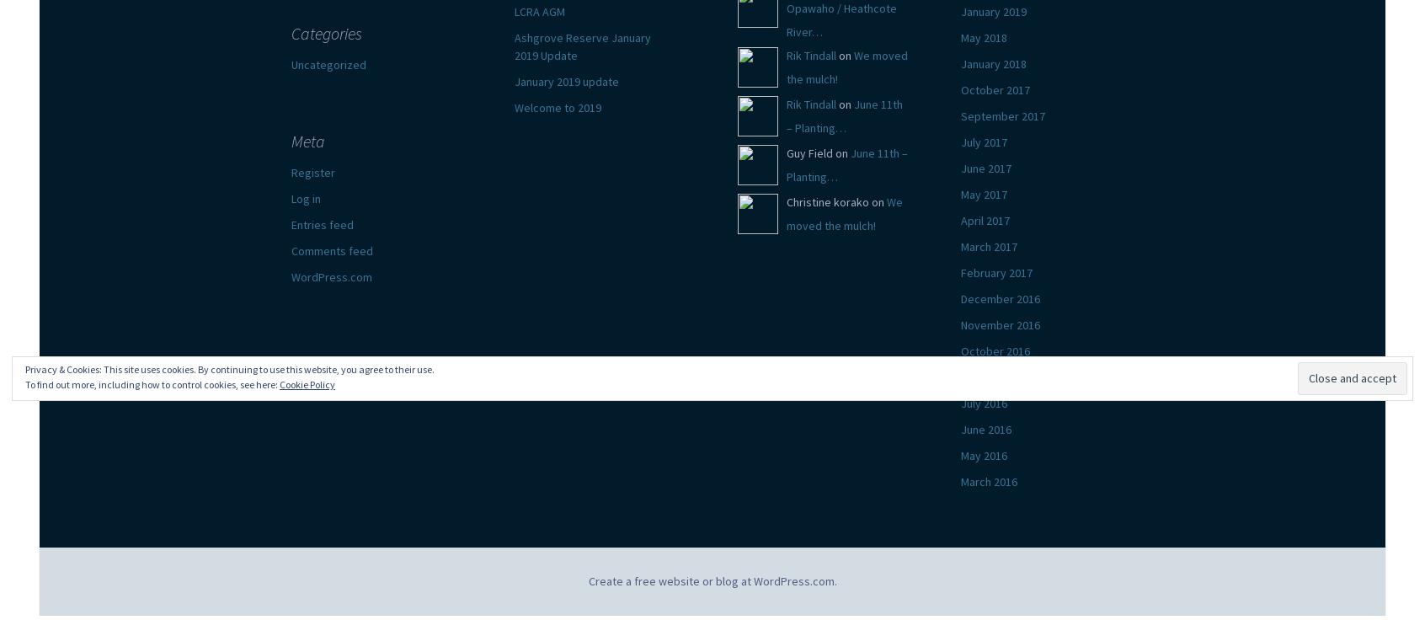 The height and width of the screenshot is (636, 1425). Describe the element at coordinates (229, 368) in the screenshot. I see `'Privacy & Cookies: This site uses cookies. By continuing to use this website, you agree to their use.'` at that location.